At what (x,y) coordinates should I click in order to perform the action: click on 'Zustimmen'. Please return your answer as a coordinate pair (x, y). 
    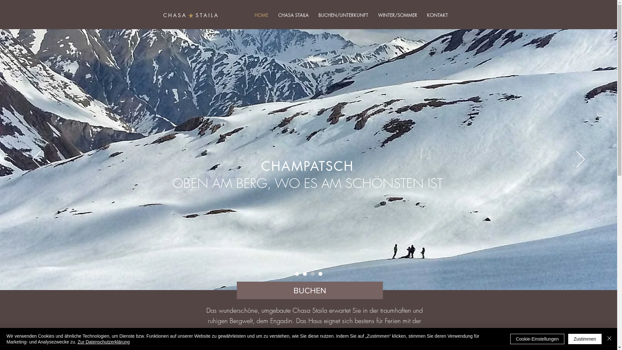
    Looking at the image, I should click on (585, 338).